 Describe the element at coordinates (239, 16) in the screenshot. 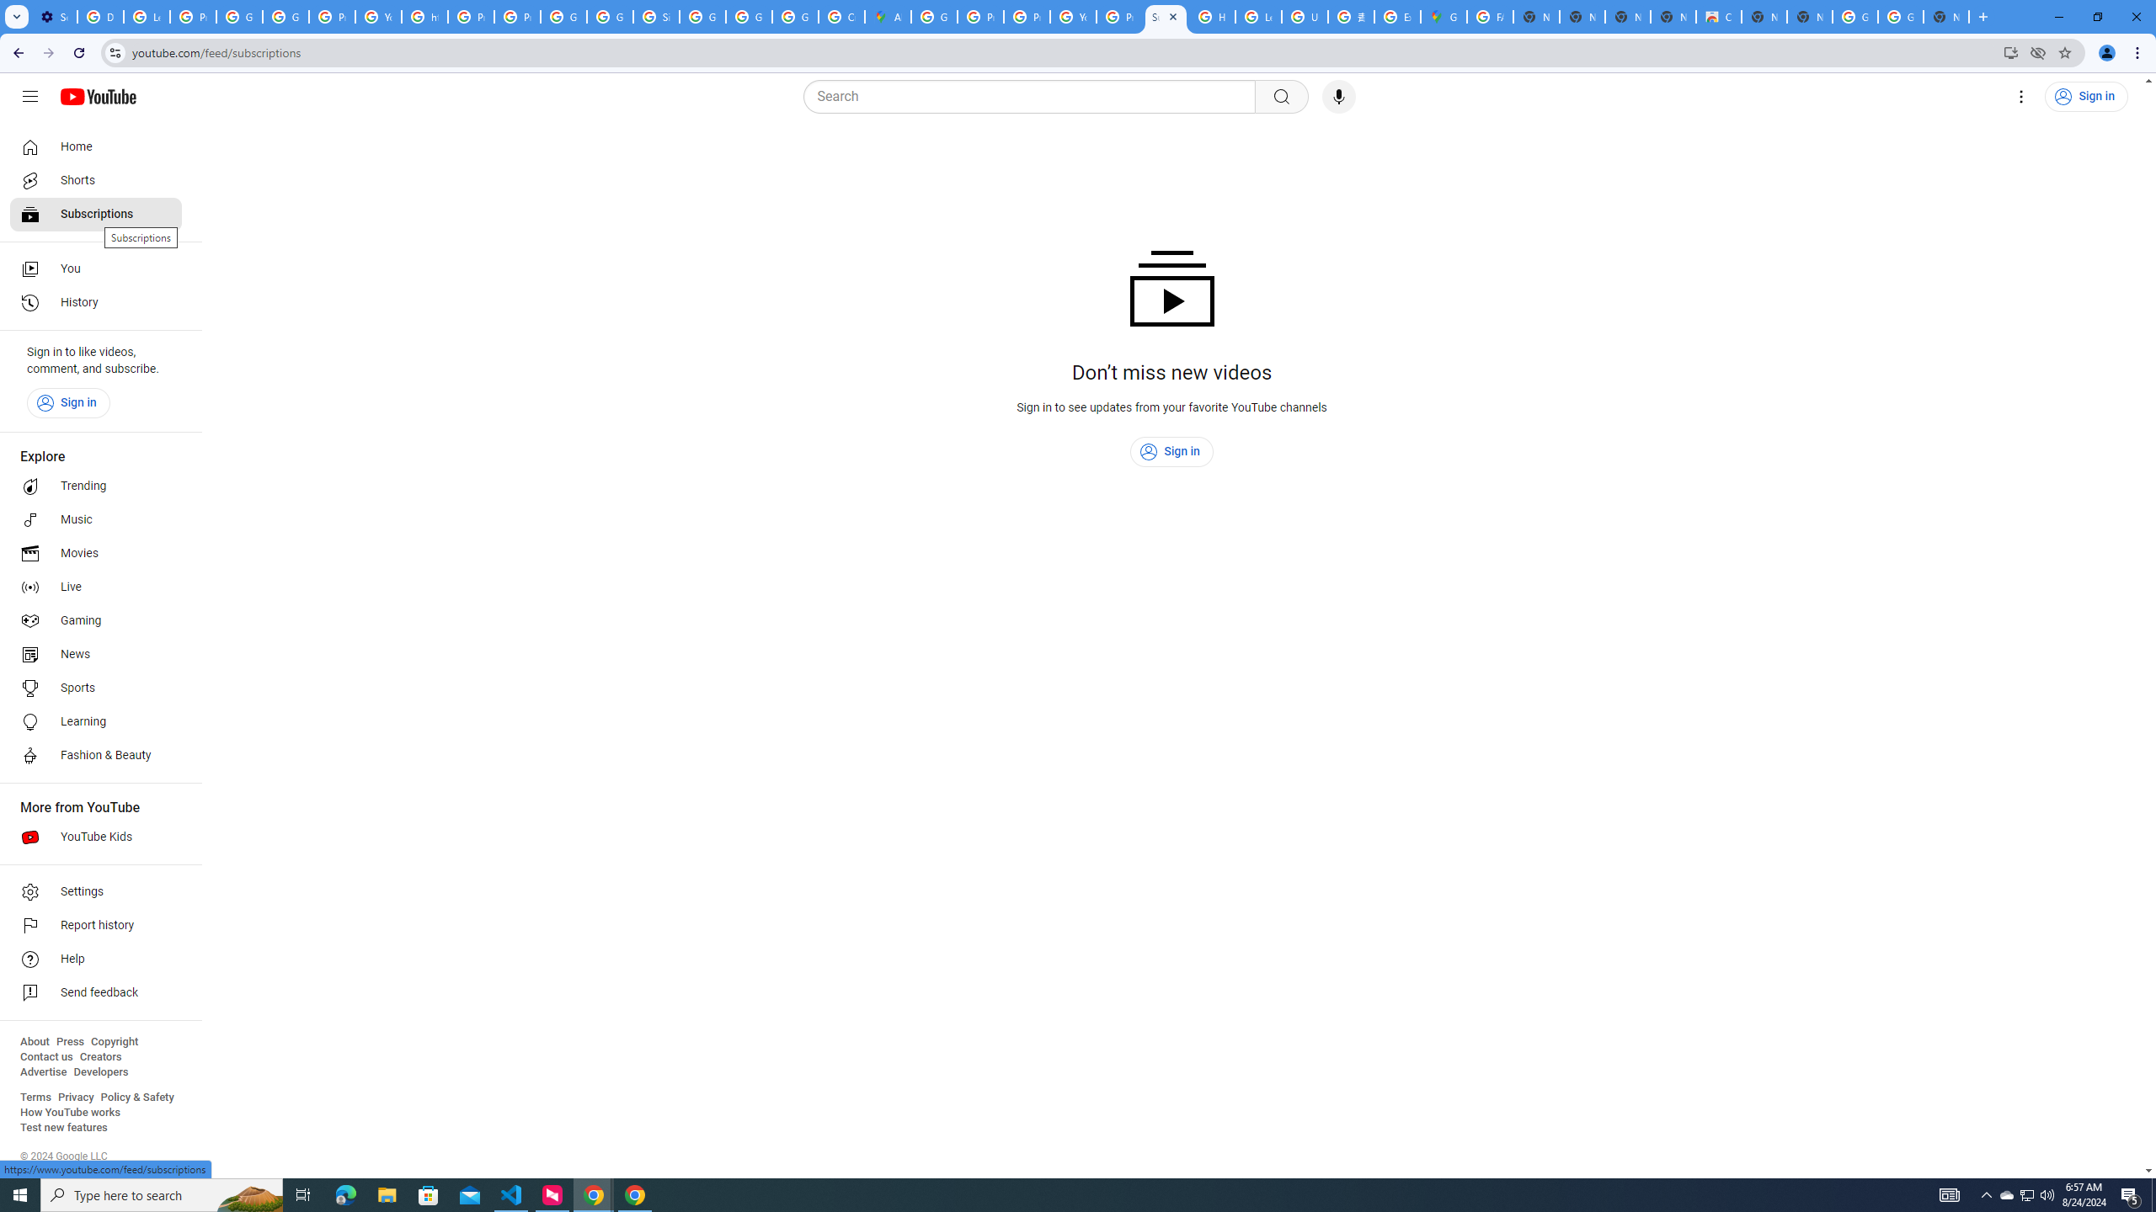

I see `'Google Account Help'` at that location.